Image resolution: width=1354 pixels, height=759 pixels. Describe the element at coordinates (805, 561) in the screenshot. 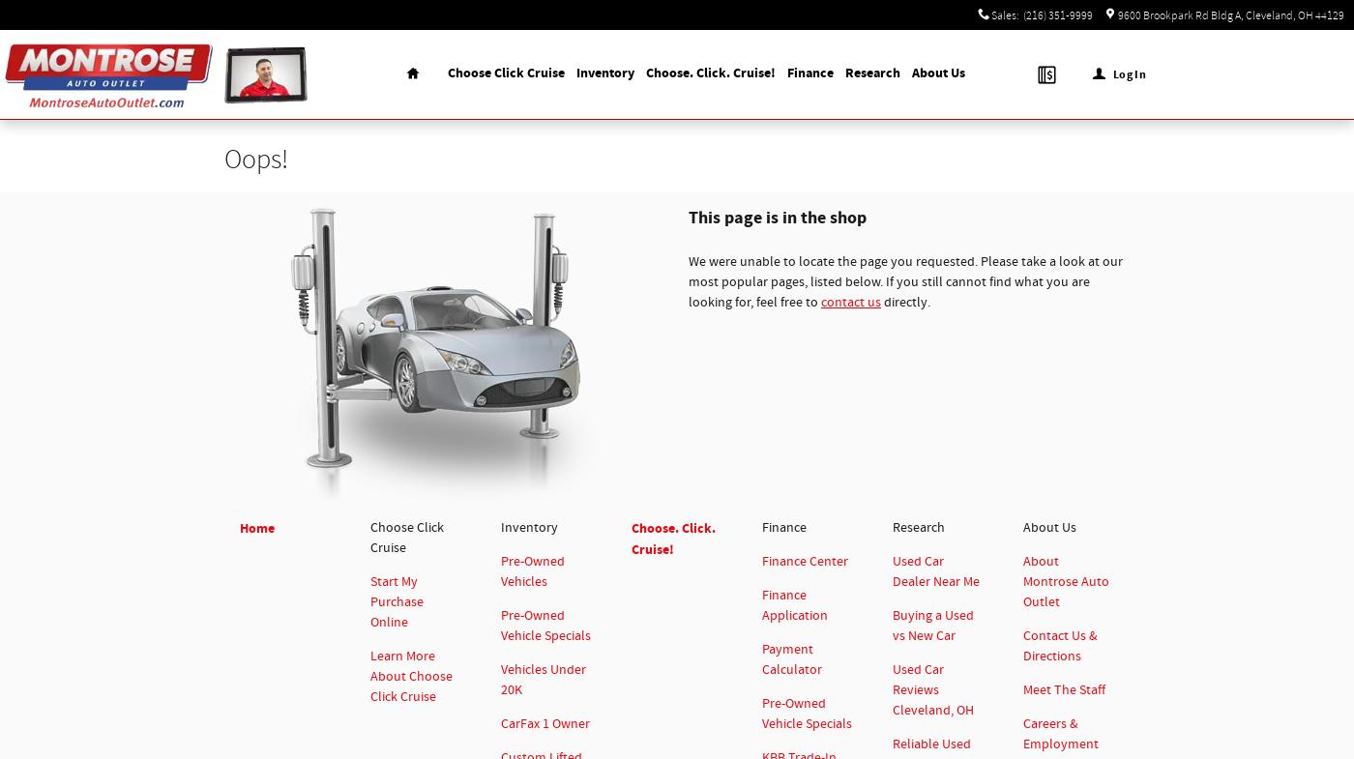

I see `'Finance Center'` at that location.